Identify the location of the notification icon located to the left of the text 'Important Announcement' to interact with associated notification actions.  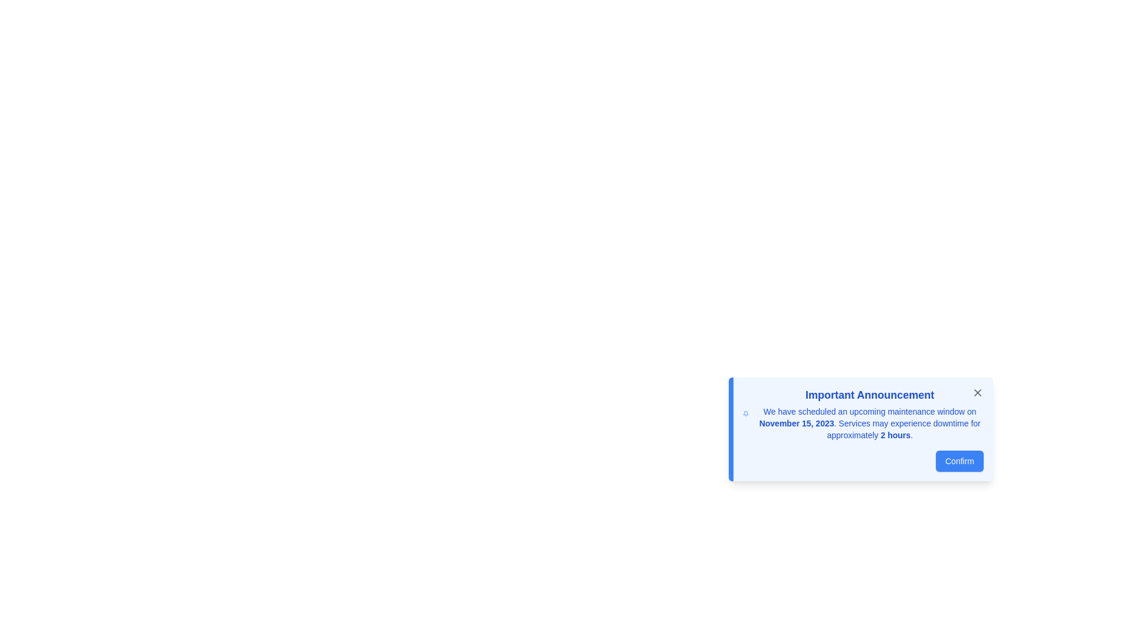
(745, 413).